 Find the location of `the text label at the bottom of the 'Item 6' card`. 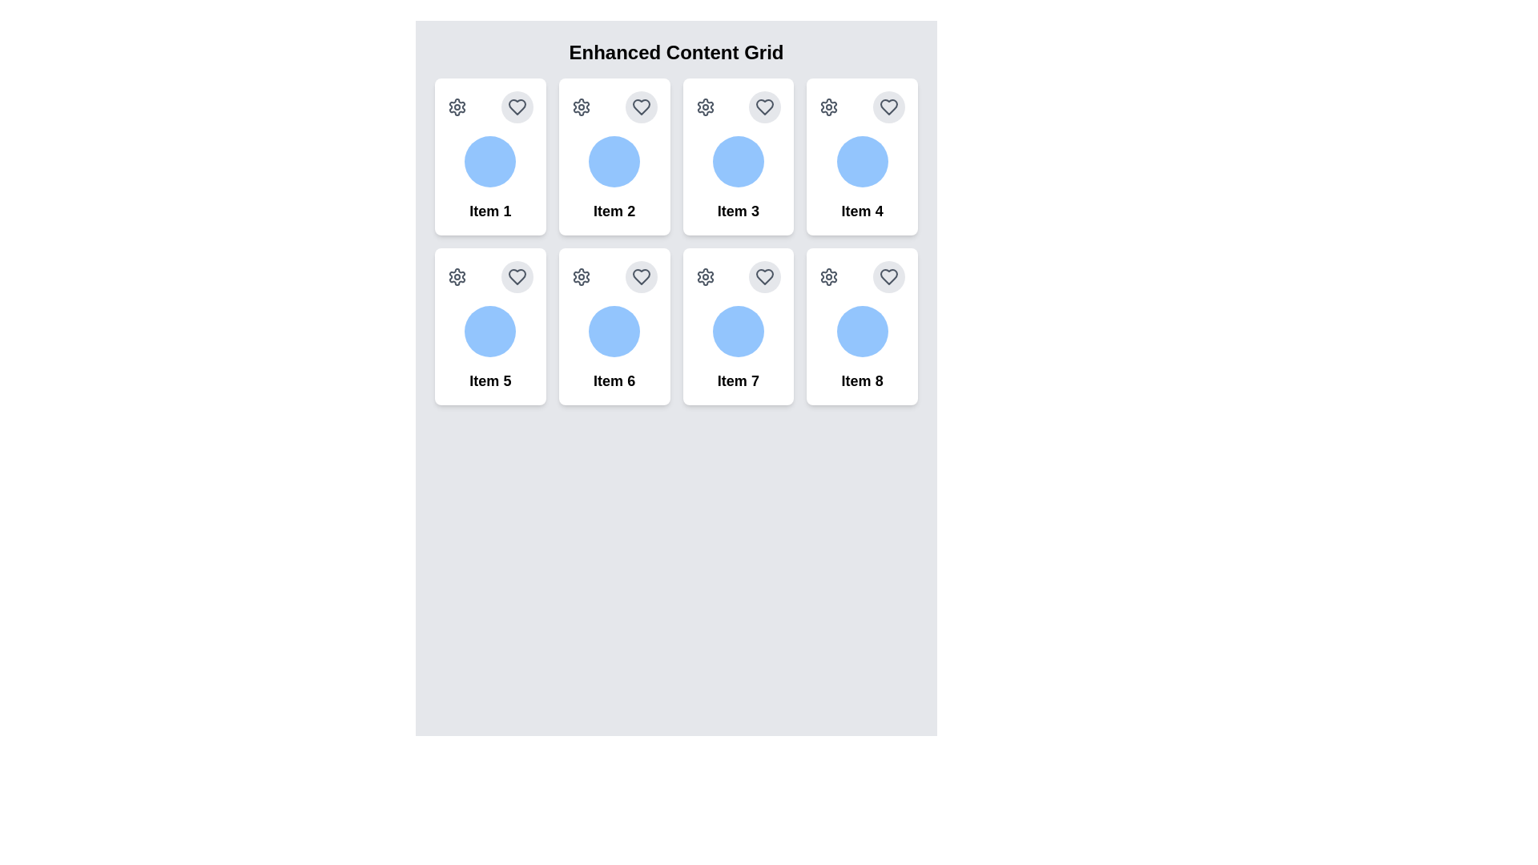

the text label at the bottom of the 'Item 6' card is located at coordinates (614, 380).